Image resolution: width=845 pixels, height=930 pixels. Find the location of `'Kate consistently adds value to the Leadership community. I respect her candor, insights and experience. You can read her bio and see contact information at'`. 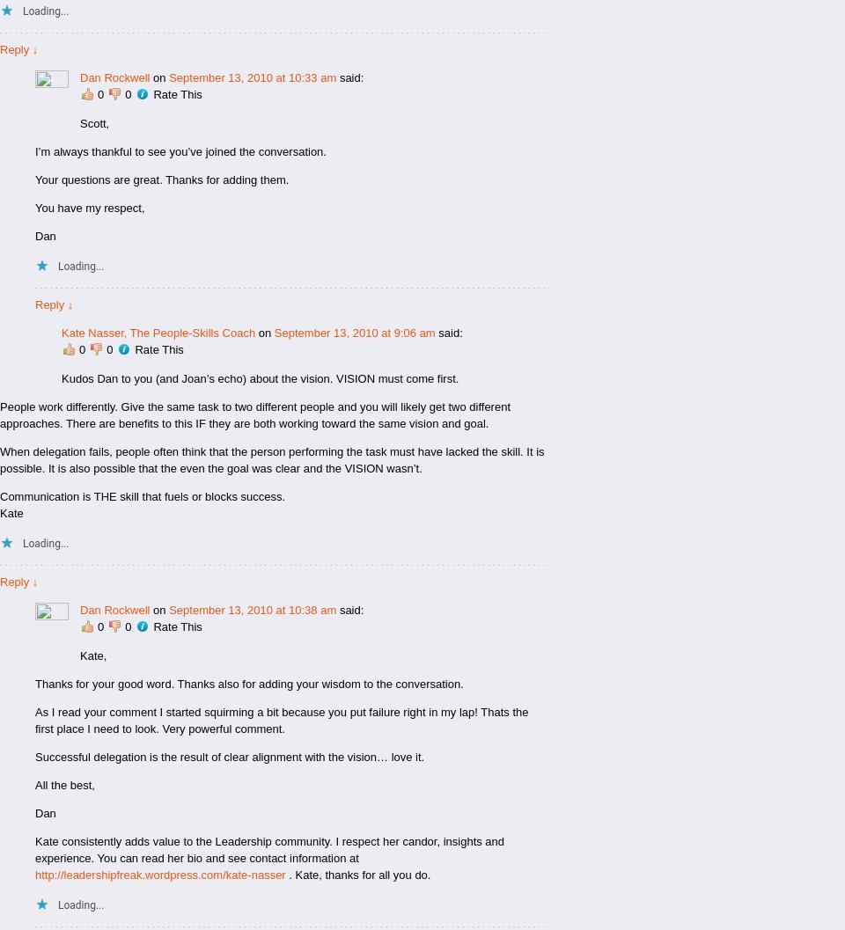

'Kate consistently adds value to the Leadership community. I respect her candor, insights and experience. You can read her bio and see contact information at' is located at coordinates (34, 849).